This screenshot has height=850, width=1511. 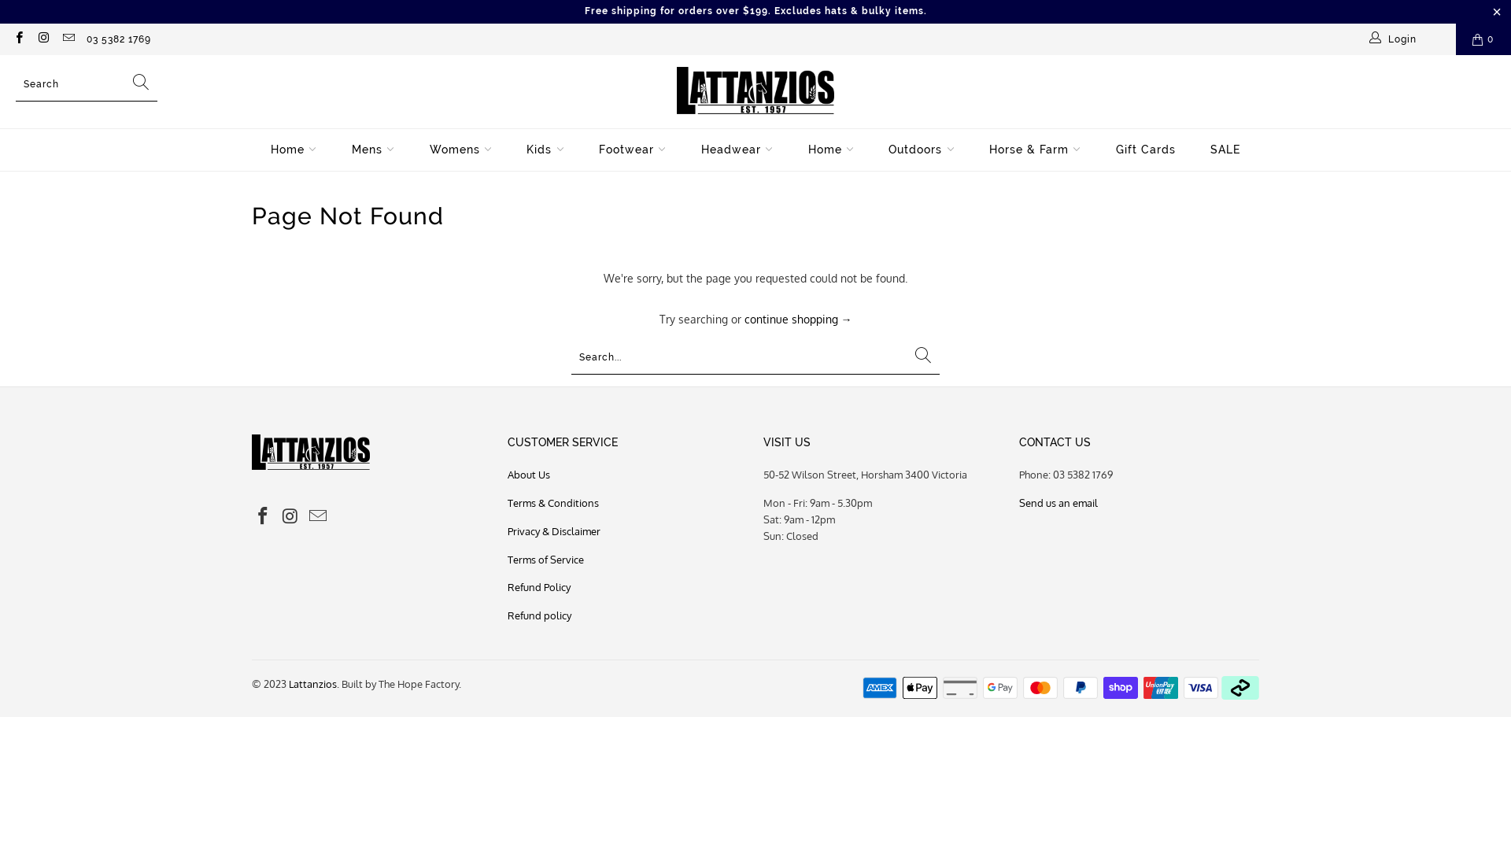 What do you see at coordinates (545, 149) in the screenshot?
I see `'Kids'` at bounding box center [545, 149].